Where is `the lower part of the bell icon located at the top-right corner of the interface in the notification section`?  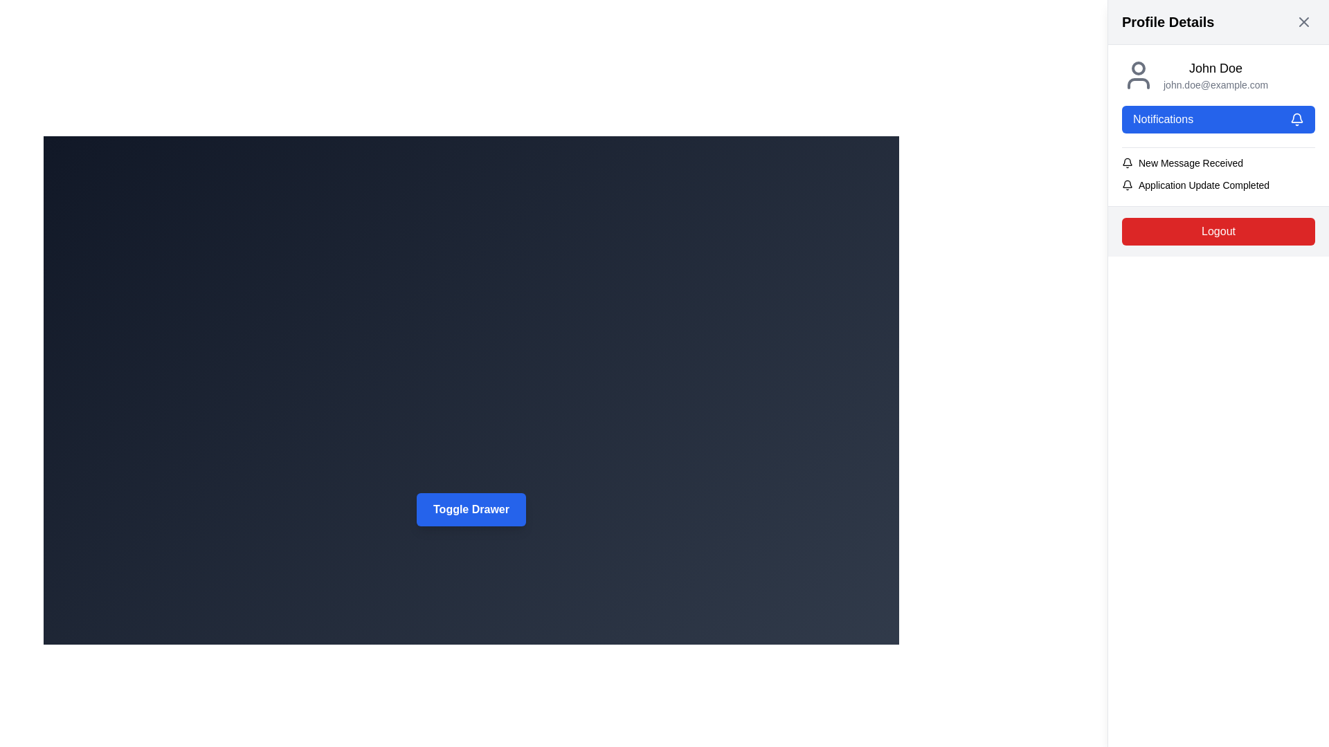 the lower part of the bell icon located at the top-right corner of the interface in the notification section is located at coordinates (1127, 183).